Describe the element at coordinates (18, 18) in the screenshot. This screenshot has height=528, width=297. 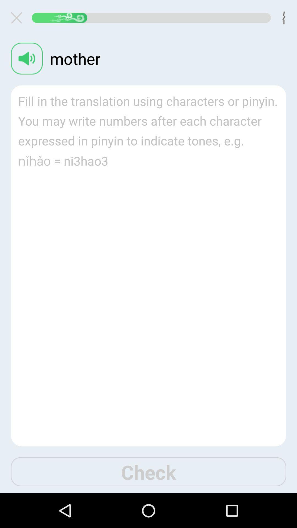
I see `button` at that location.